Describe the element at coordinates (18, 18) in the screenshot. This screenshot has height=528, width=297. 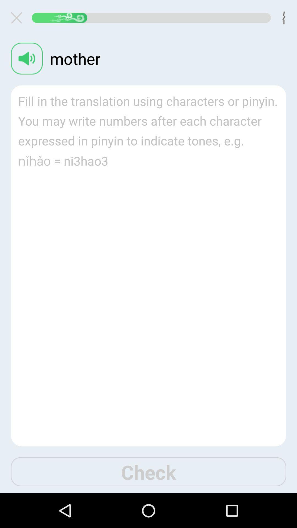
I see `button` at that location.